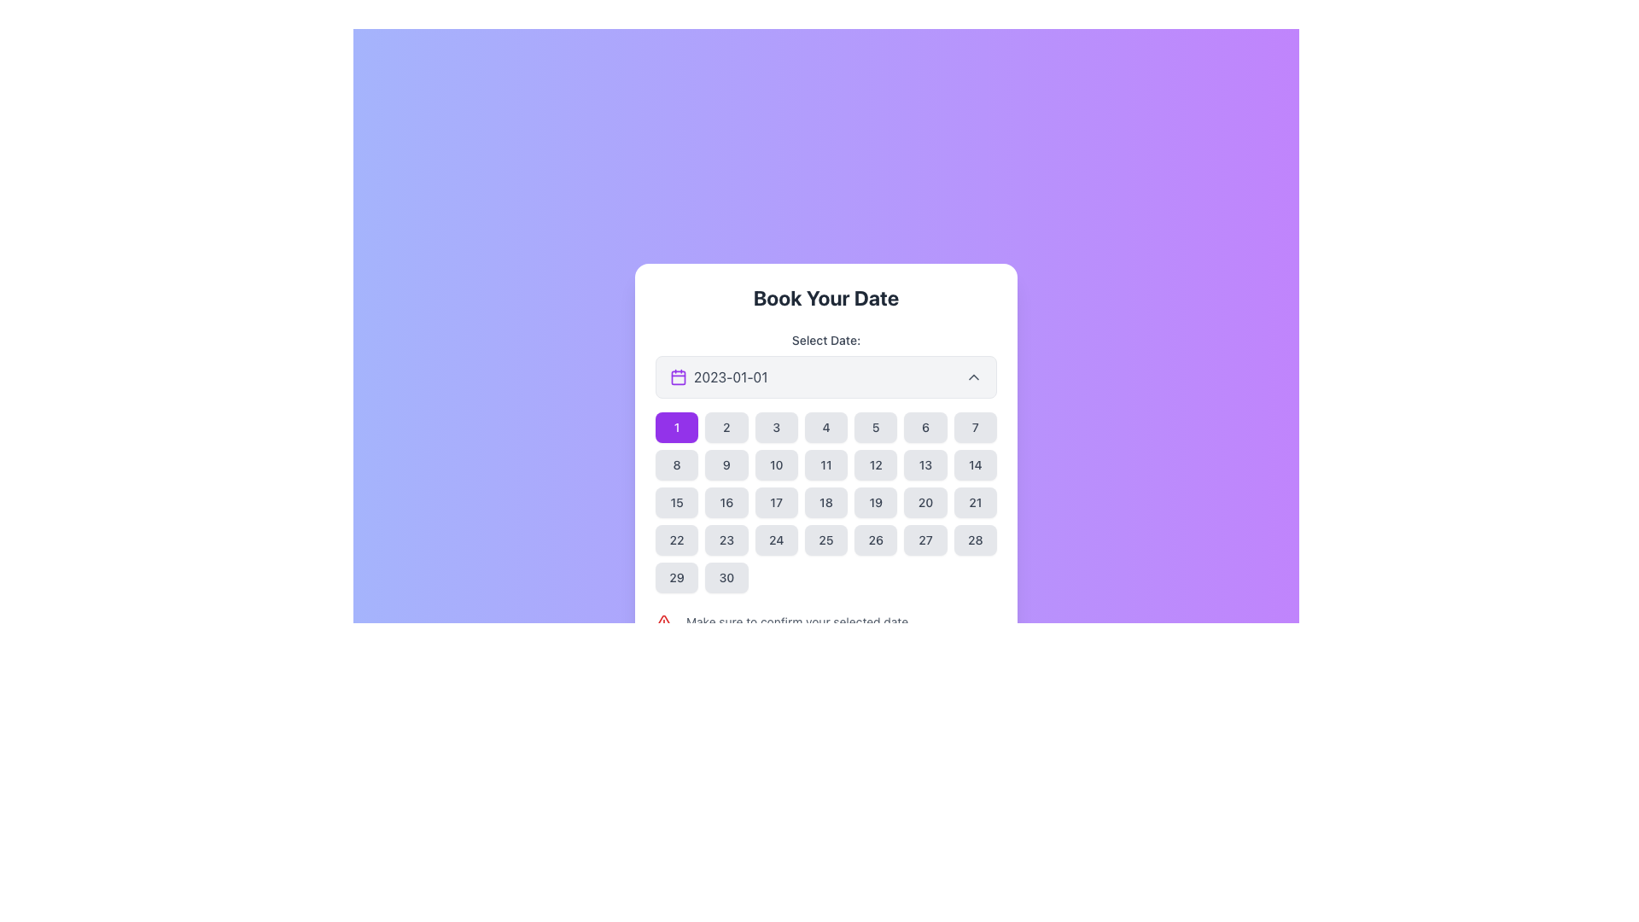 The image size is (1639, 922). I want to click on the selectable button representing the 14th day of the month in the calendar interface, so click(975, 464).